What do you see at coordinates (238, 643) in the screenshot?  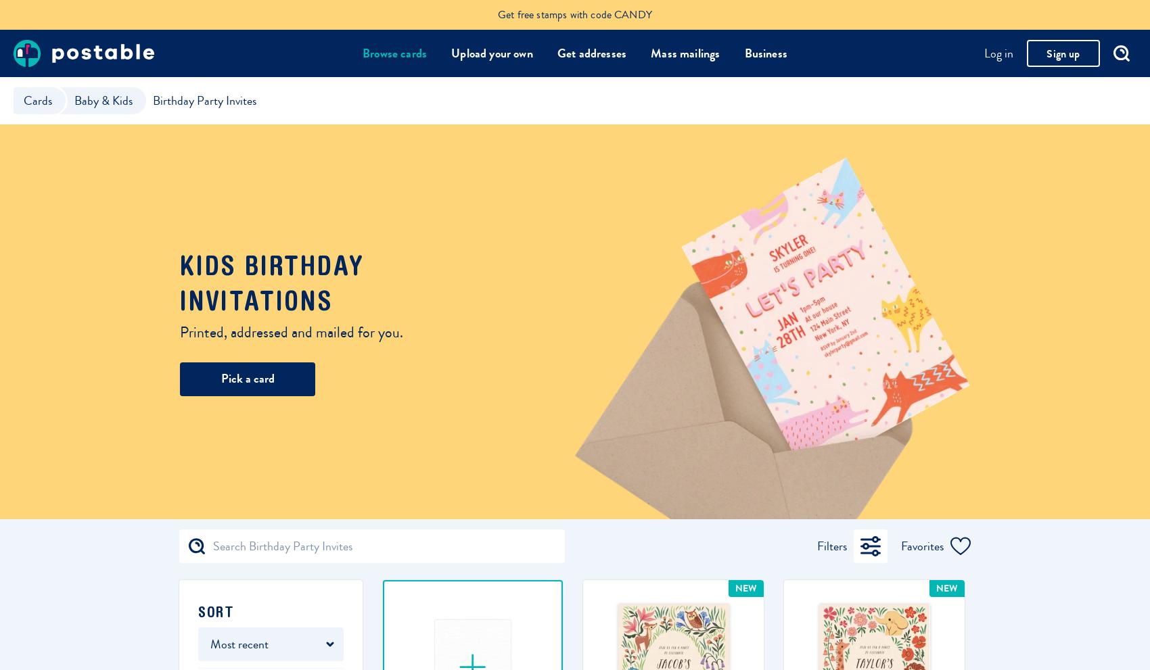 I see `'Most recent'` at bounding box center [238, 643].